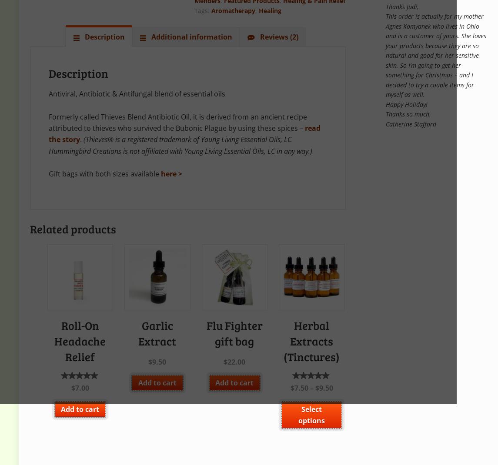 The width and height of the screenshot is (498, 465). What do you see at coordinates (411, 124) in the screenshot?
I see `'Catherine Stafford'` at bounding box center [411, 124].